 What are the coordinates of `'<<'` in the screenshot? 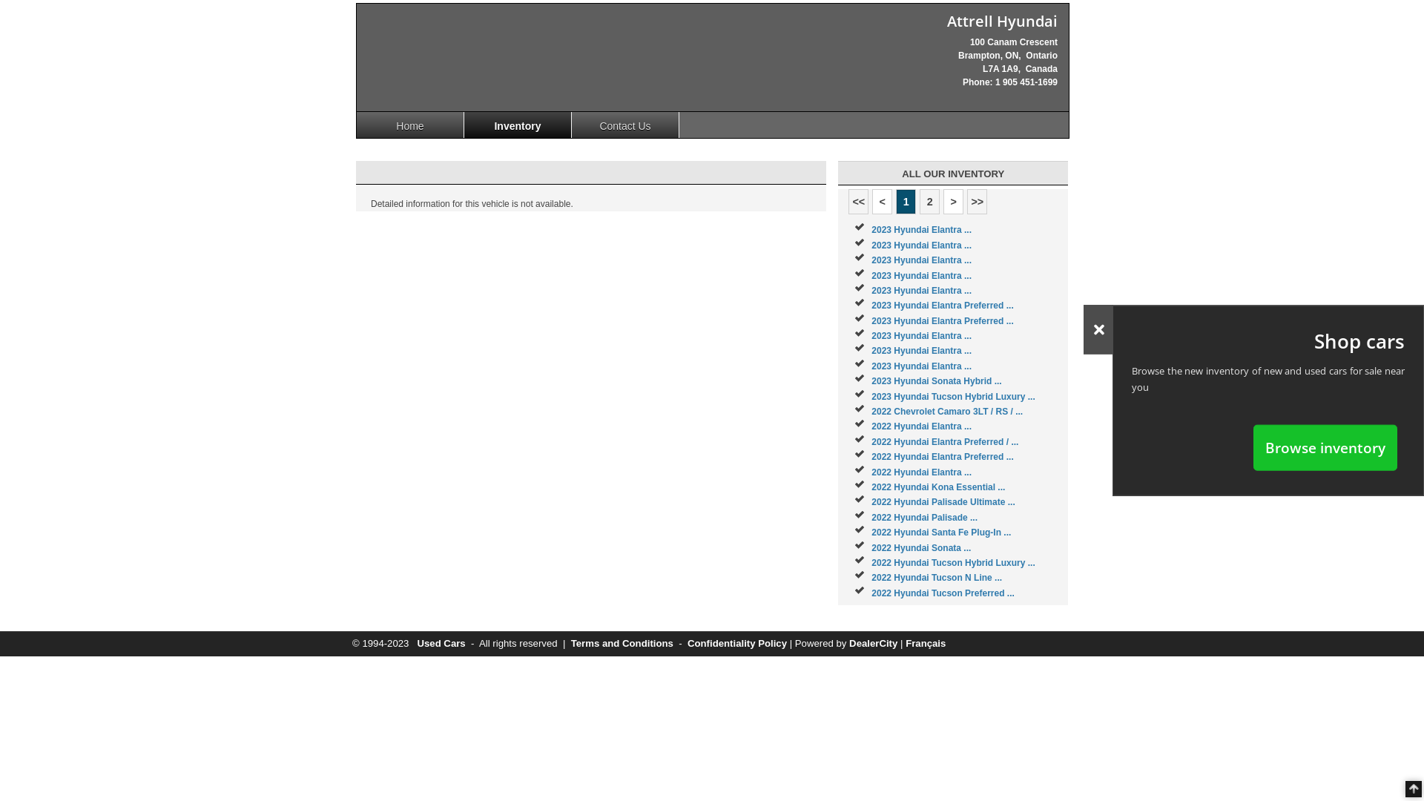 It's located at (858, 202).